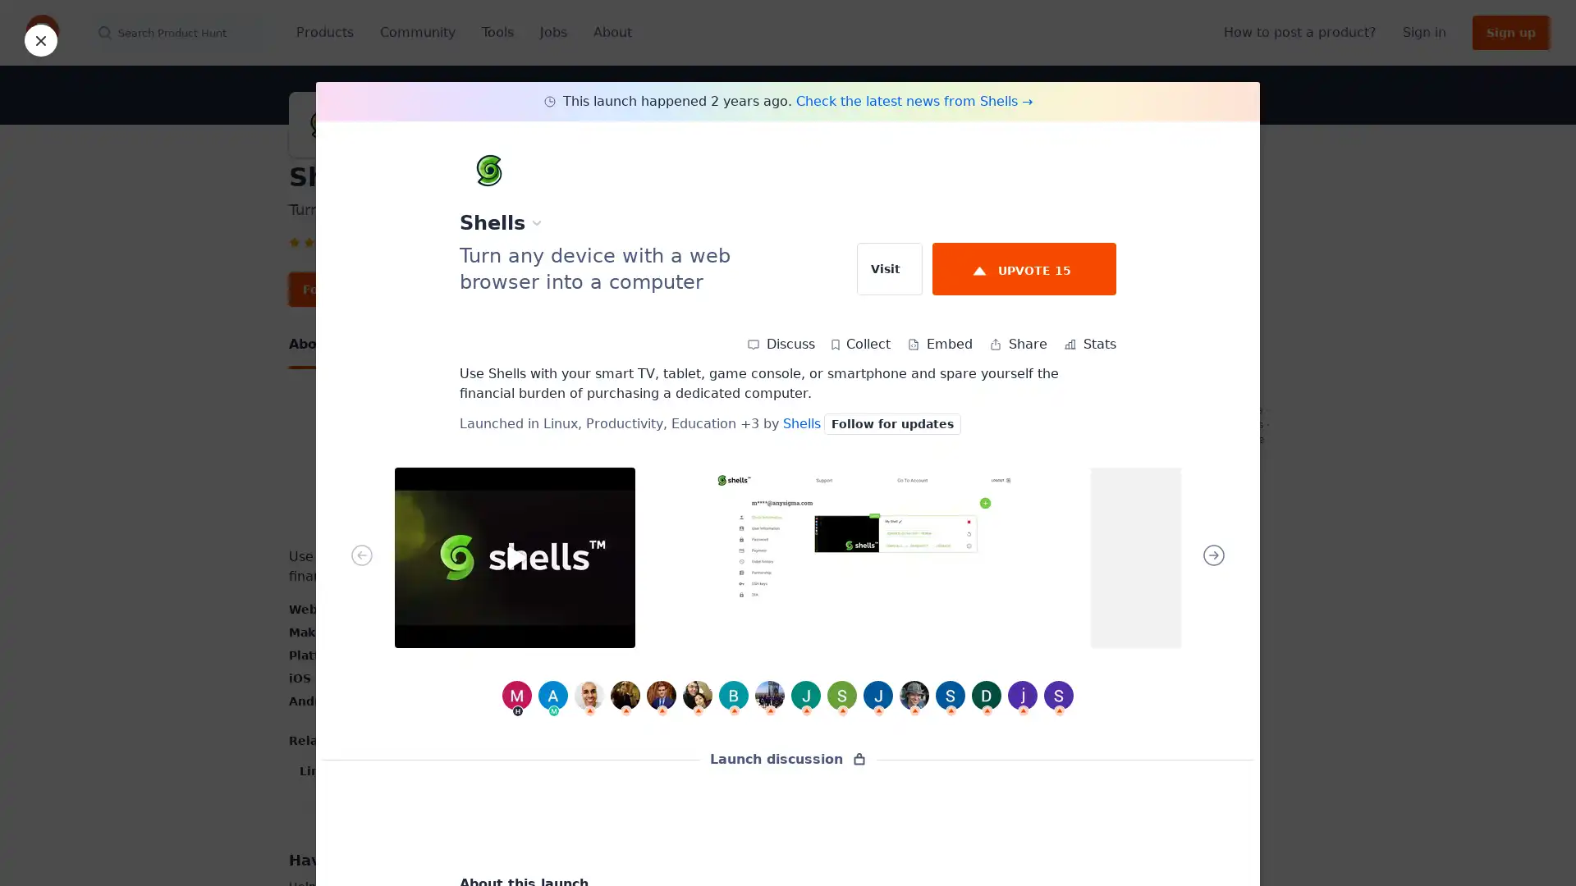 The width and height of the screenshot is (1576, 886). What do you see at coordinates (891, 422) in the screenshot?
I see `Follow for updates` at bounding box center [891, 422].